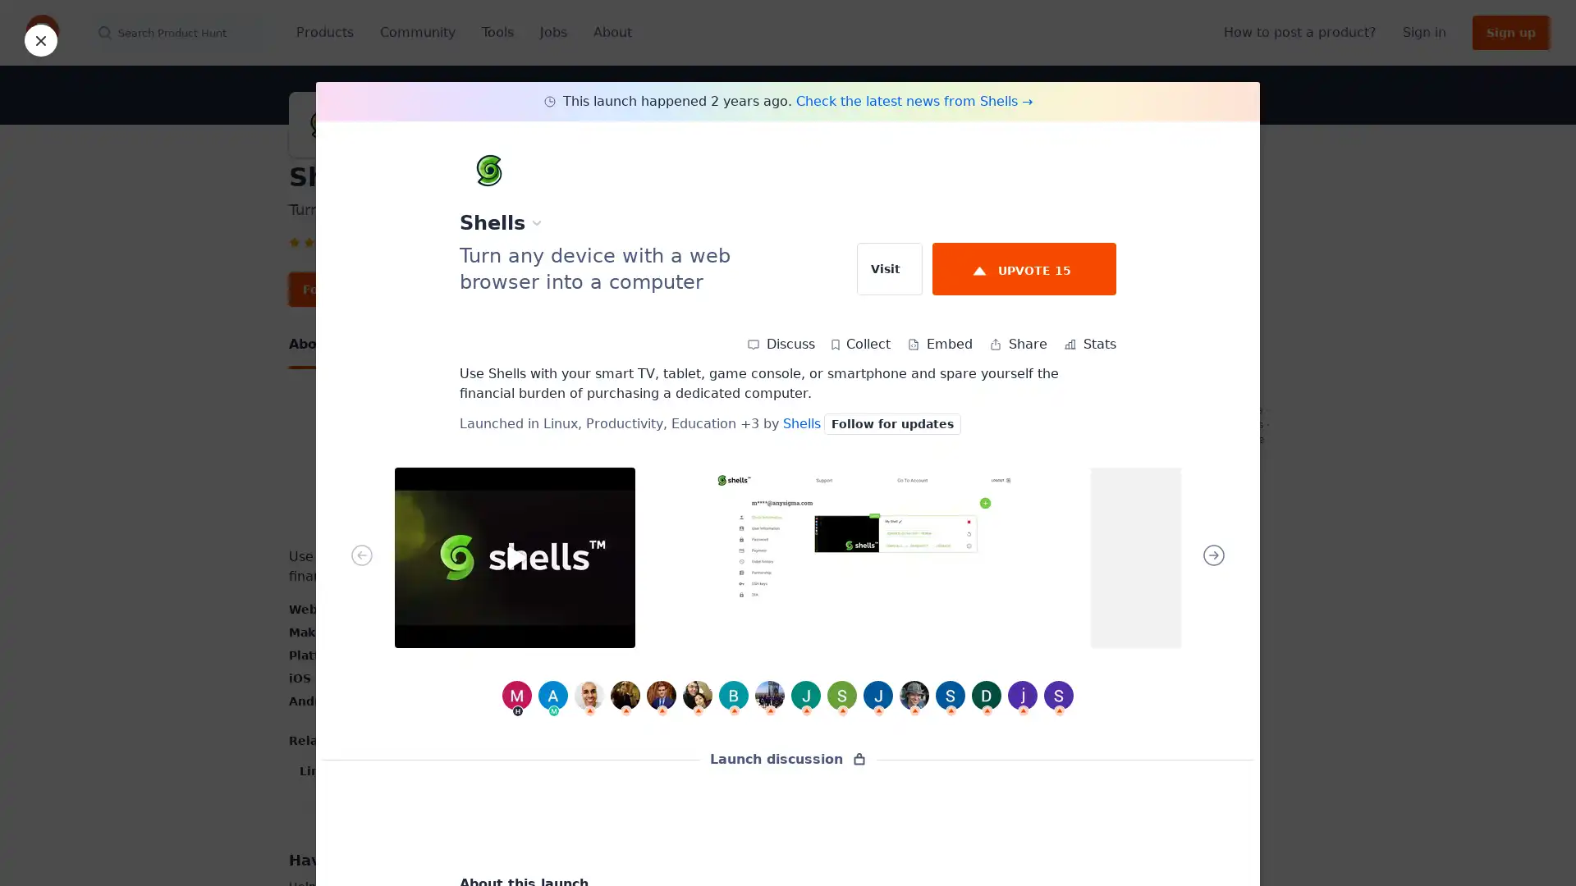 The width and height of the screenshot is (1576, 886). What do you see at coordinates (891, 422) in the screenshot?
I see `Follow for updates` at bounding box center [891, 422].